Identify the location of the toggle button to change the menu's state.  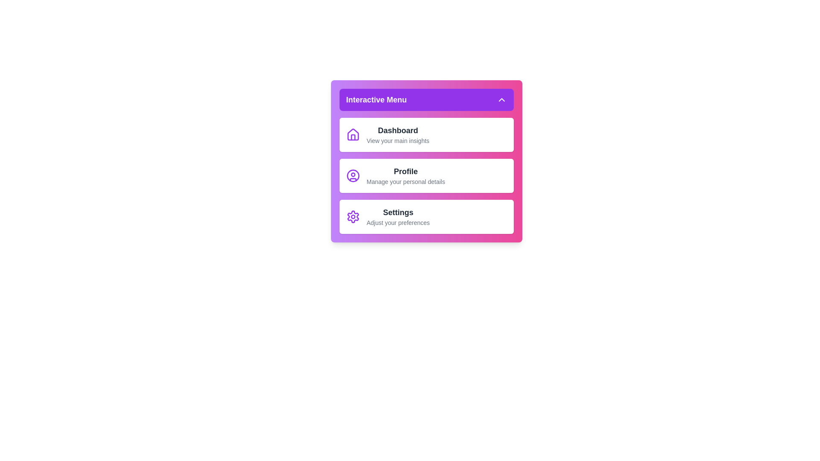
(426, 99).